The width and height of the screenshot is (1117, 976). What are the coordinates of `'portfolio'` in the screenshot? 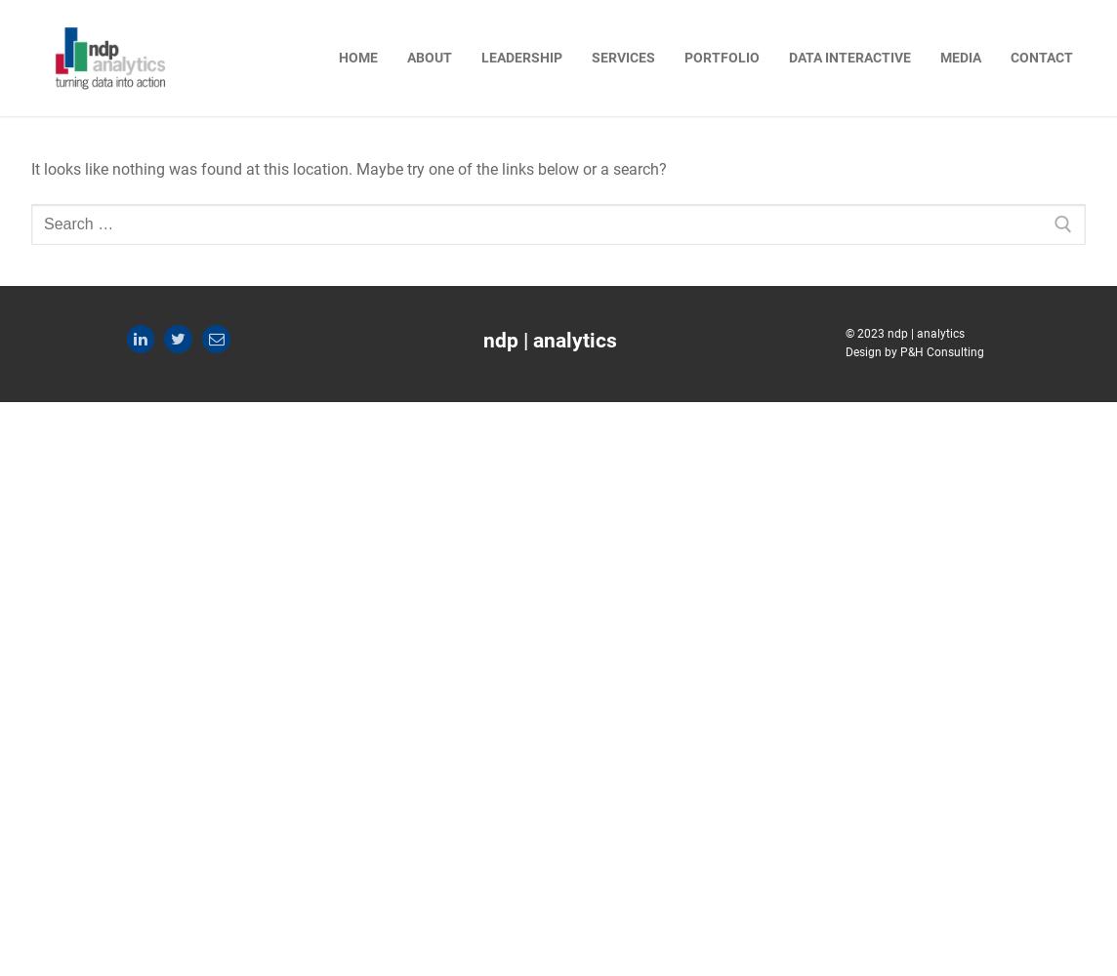 It's located at (684, 57).